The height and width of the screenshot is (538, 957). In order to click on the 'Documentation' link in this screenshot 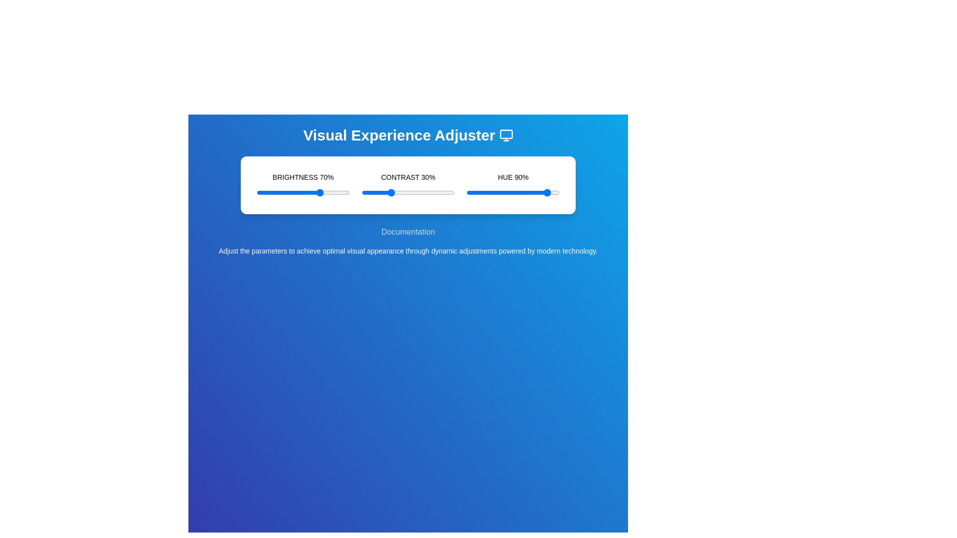, I will do `click(408, 232)`.